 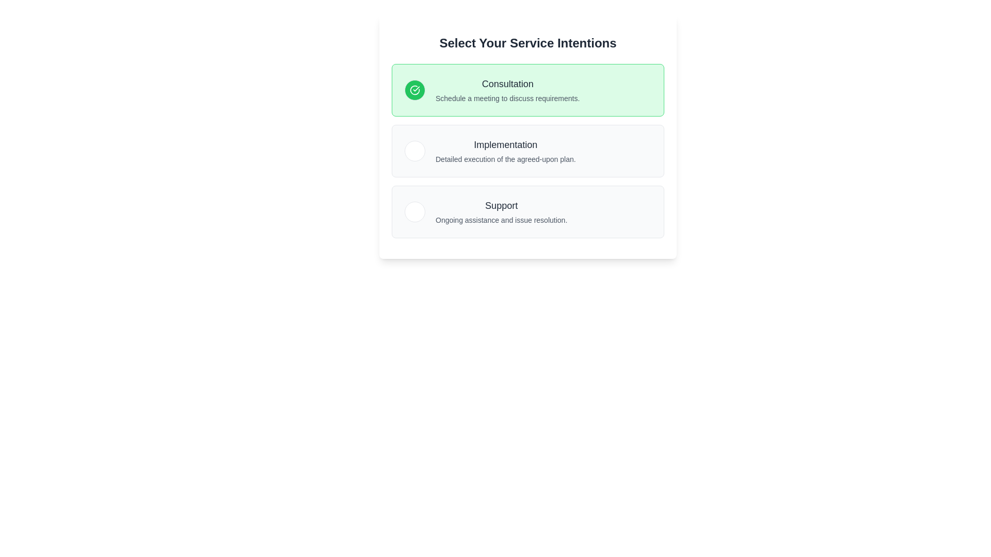 I want to click on the Information card that provides details about the 'Support' option, which is the third item in the vertical list of service intentions, so click(x=528, y=211).